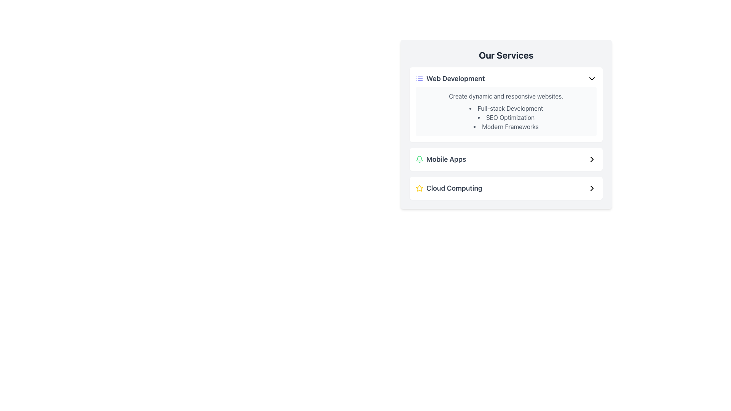  I want to click on the yellow star-shaped icon with a hollow center, located to the left of the 'Cloud Computing' text in the 'Our Services' section, so click(419, 188).